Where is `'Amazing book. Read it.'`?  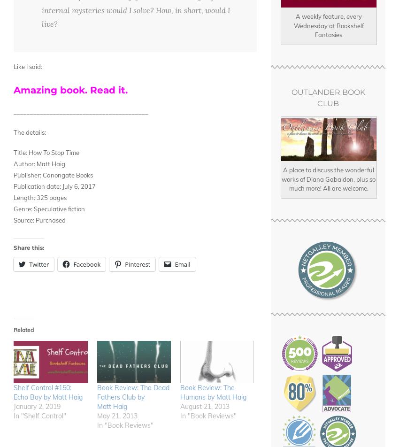
'Amazing book. Read it.' is located at coordinates (70, 90).